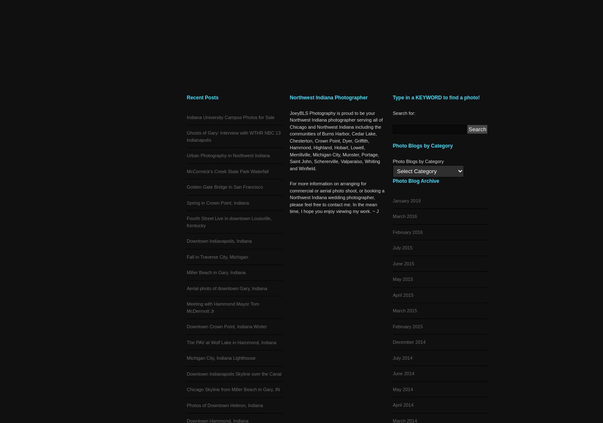  I want to click on 'April 2014', so click(402, 405).